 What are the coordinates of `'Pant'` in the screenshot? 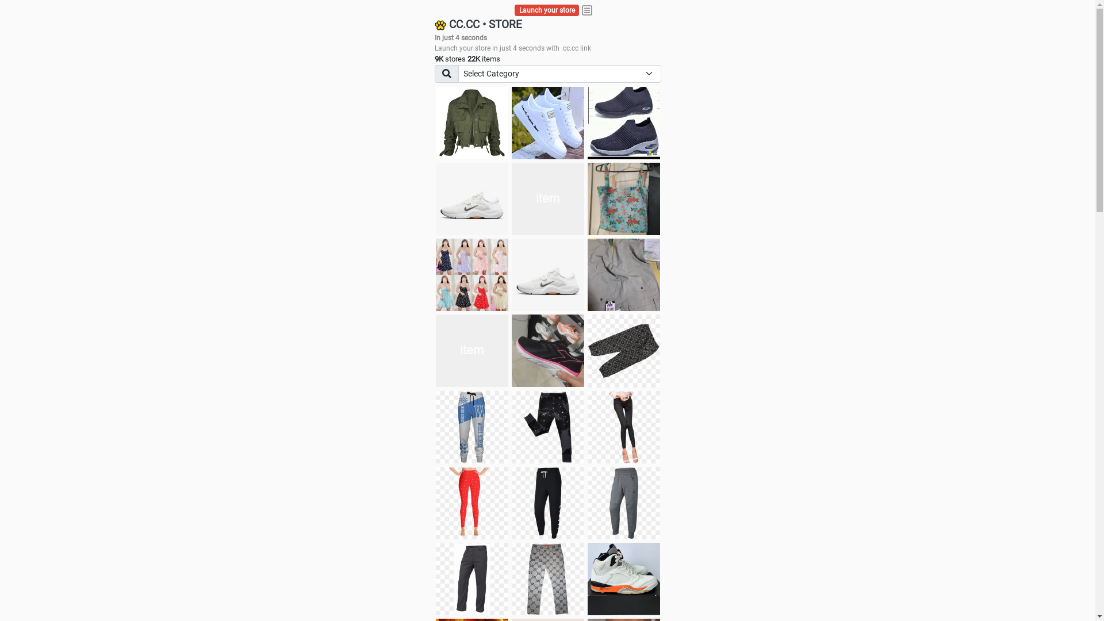 It's located at (623, 503).